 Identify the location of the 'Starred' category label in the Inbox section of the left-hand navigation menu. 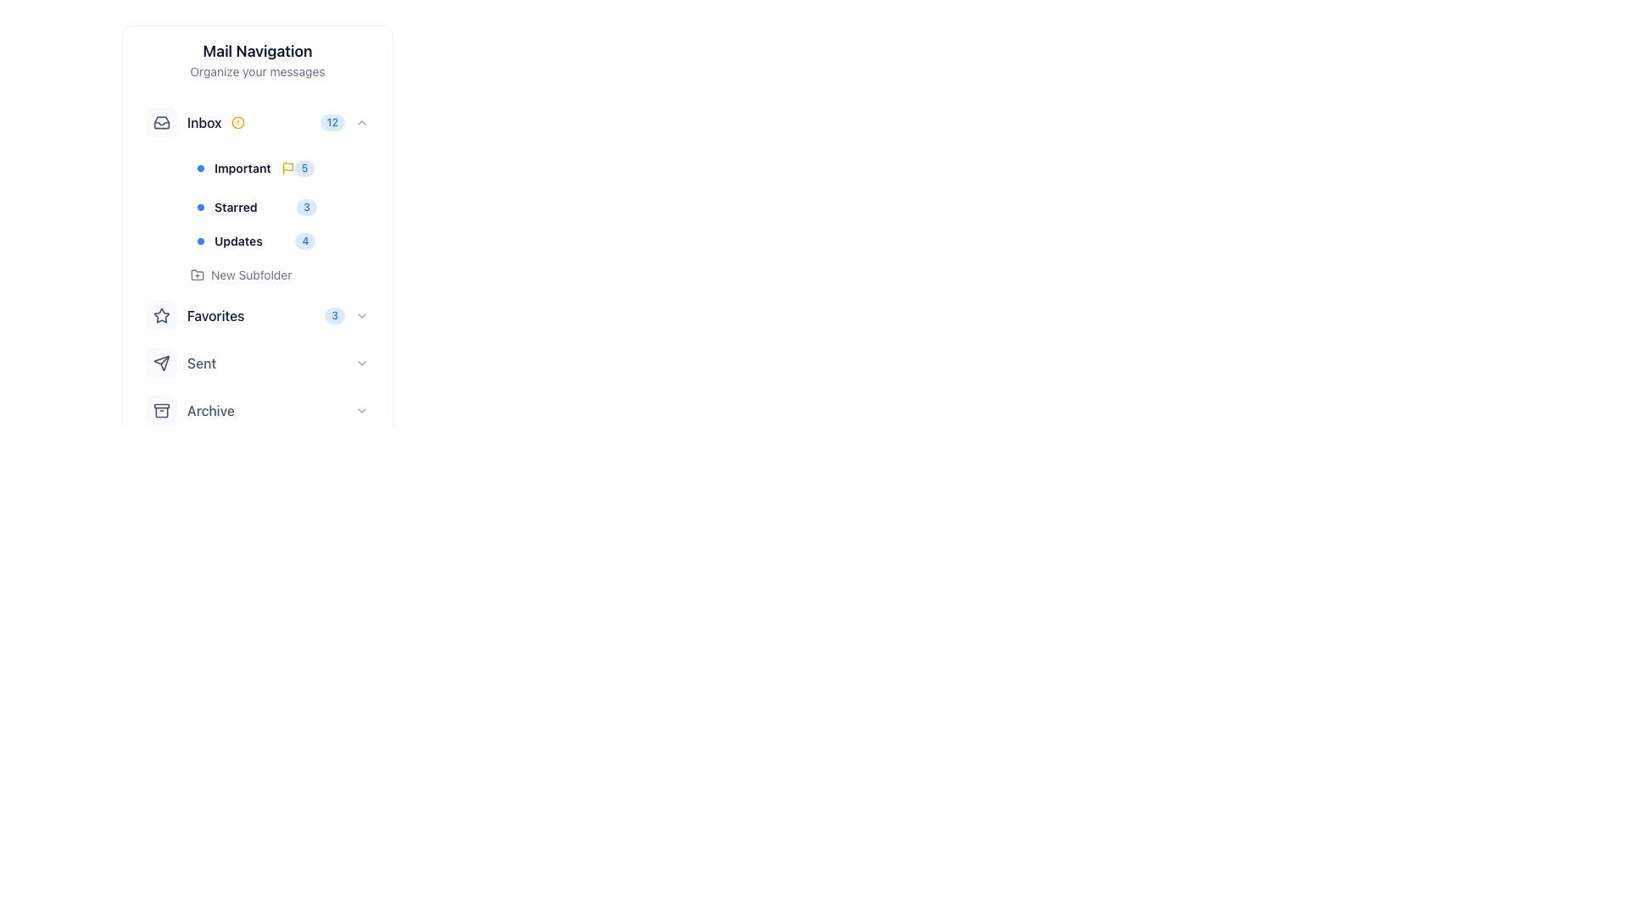
(235, 207).